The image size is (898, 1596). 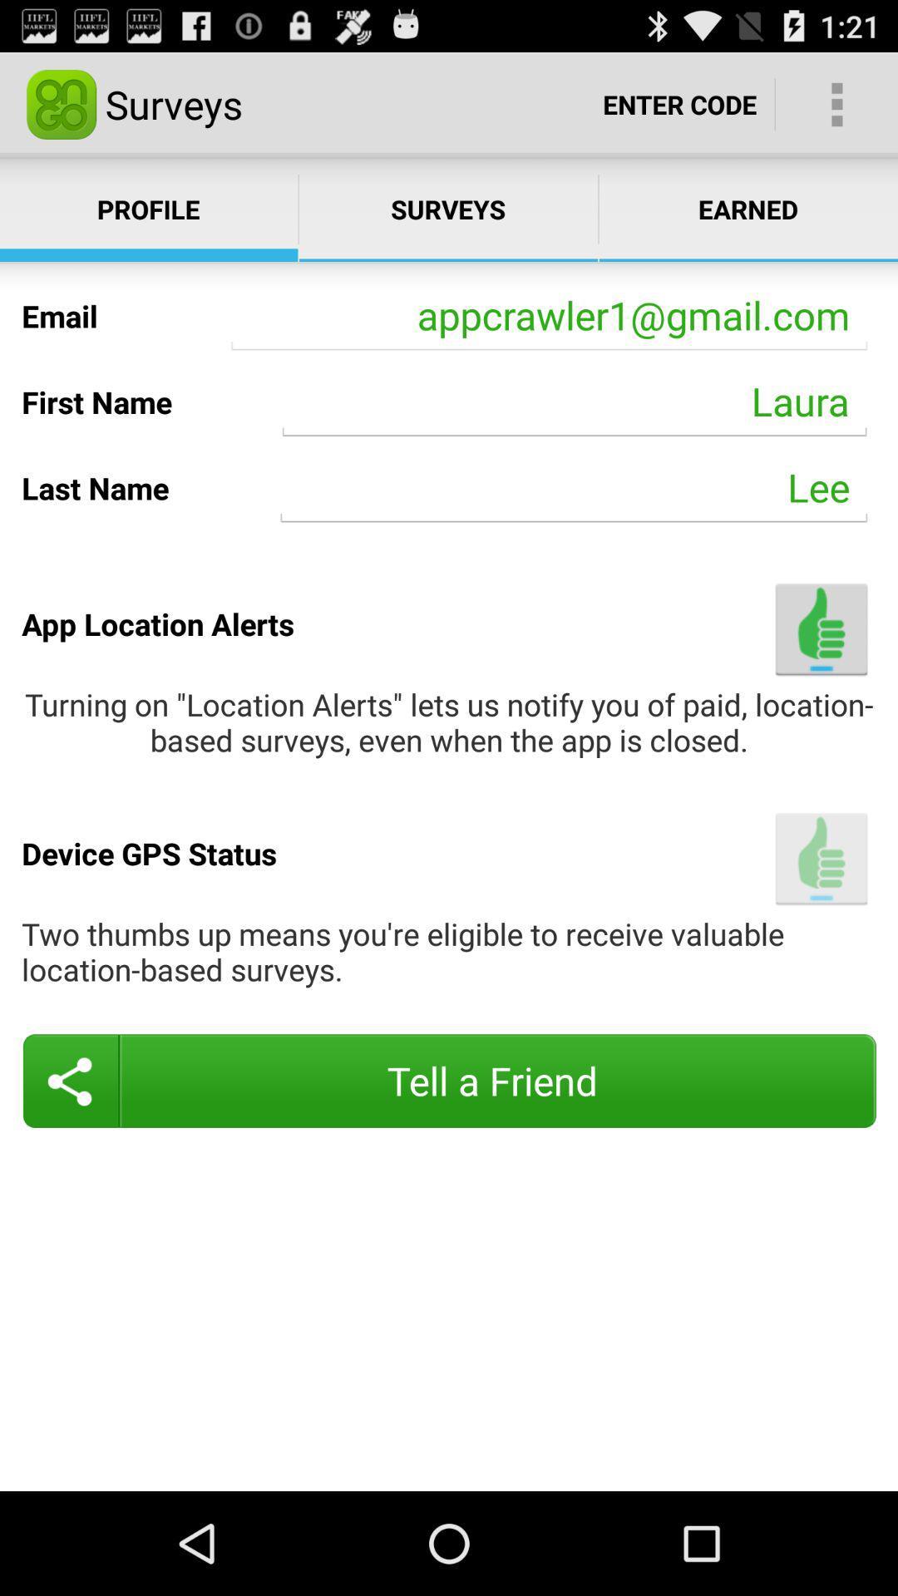 What do you see at coordinates (821, 628) in the screenshot?
I see `the item above the turning on location item` at bounding box center [821, 628].